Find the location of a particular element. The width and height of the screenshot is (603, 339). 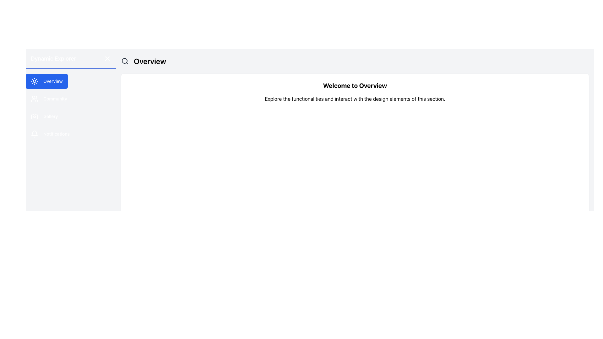

text label displaying 'Overview' which is positioned on a blue background next to a sun icon in the vertical navigation bar is located at coordinates (53, 81).